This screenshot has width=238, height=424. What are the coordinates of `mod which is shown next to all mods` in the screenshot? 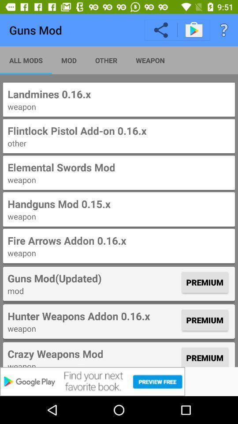 It's located at (68, 60).